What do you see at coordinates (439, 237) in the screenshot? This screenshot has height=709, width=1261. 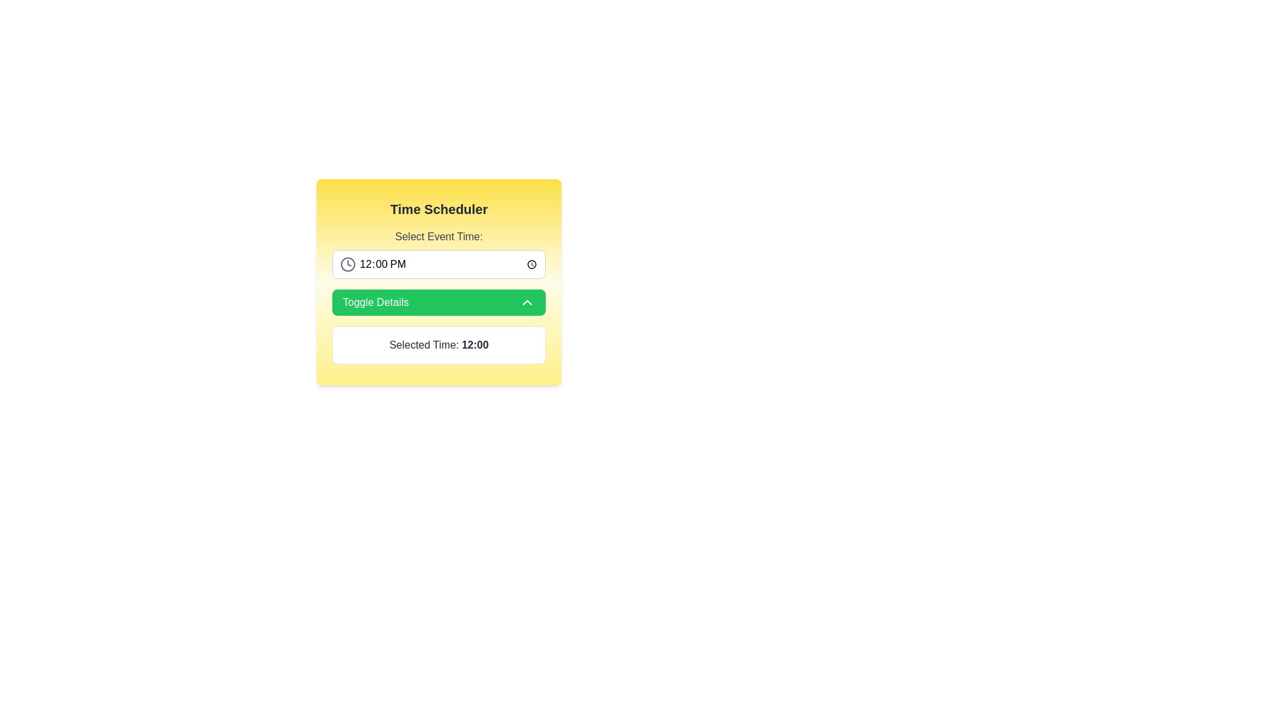 I see `the 'Select Event Time:' text label, which provides contextual instruction for selecting an event time` at bounding box center [439, 237].